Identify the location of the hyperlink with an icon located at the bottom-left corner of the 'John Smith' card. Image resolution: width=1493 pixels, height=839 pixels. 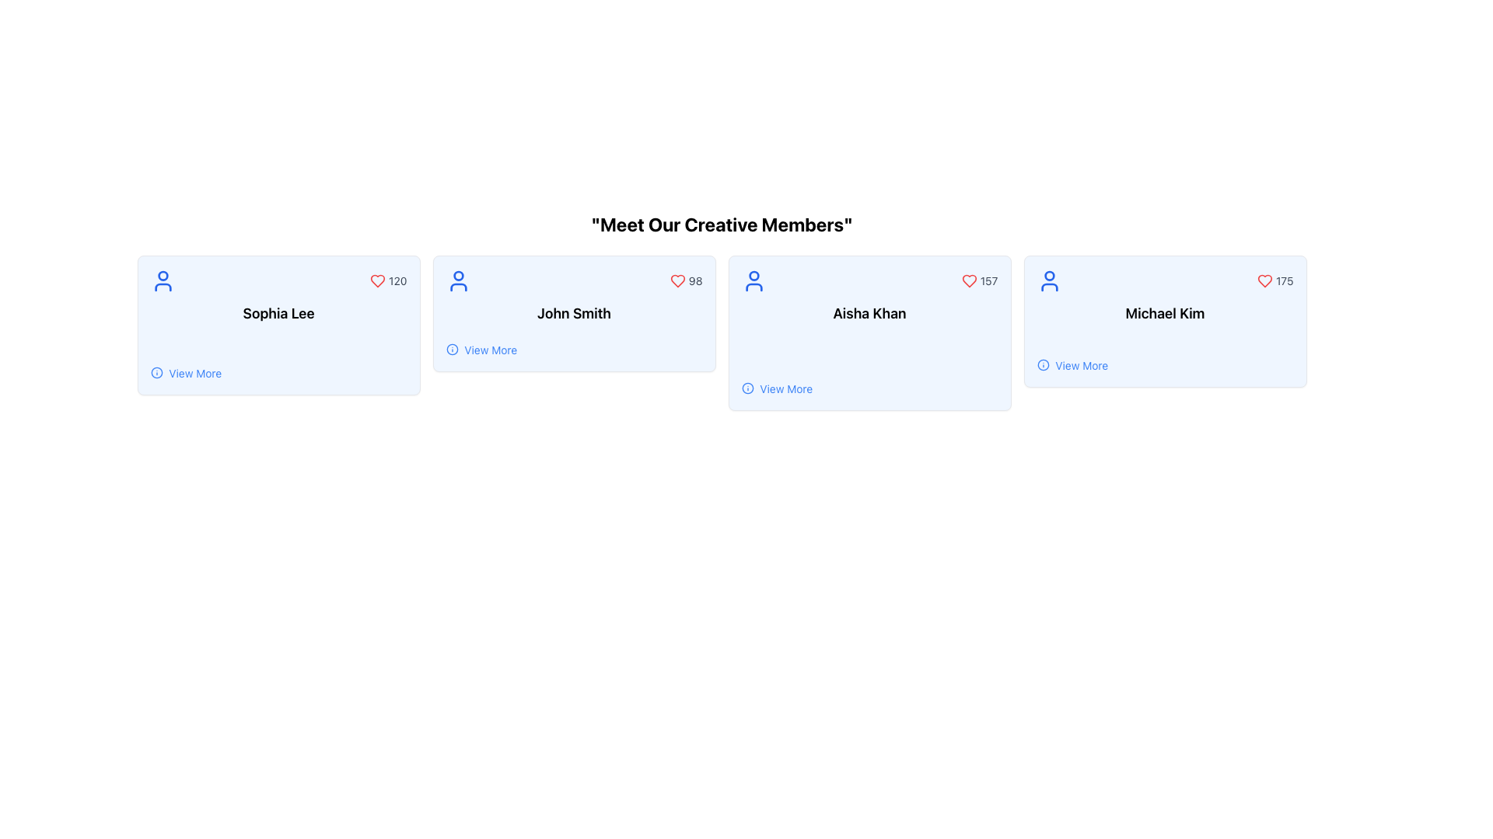
(481, 350).